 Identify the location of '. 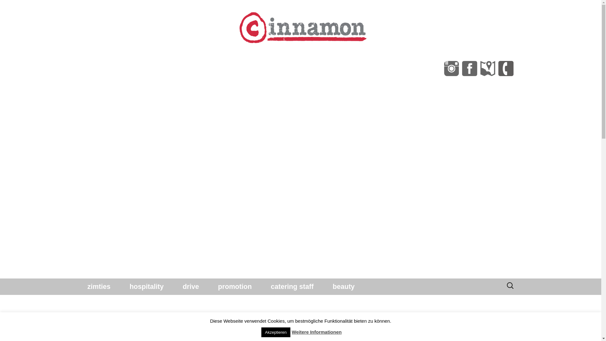
(303, 52).